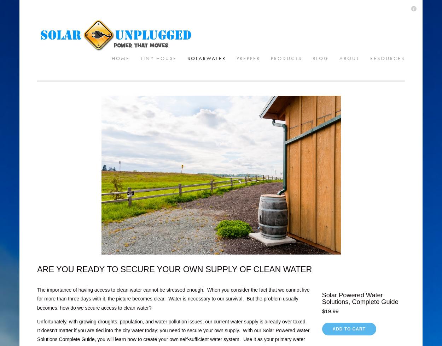 The width and height of the screenshot is (442, 346). I want to click on 'ARE YOU READY TO SECURE YOUR OWN SUPPLY OF CLEAN WATER', so click(174, 269).